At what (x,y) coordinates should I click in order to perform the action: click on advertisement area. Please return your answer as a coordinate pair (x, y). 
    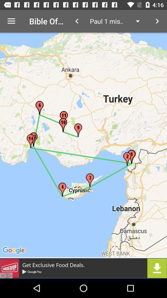
    Looking at the image, I should click on (83, 268).